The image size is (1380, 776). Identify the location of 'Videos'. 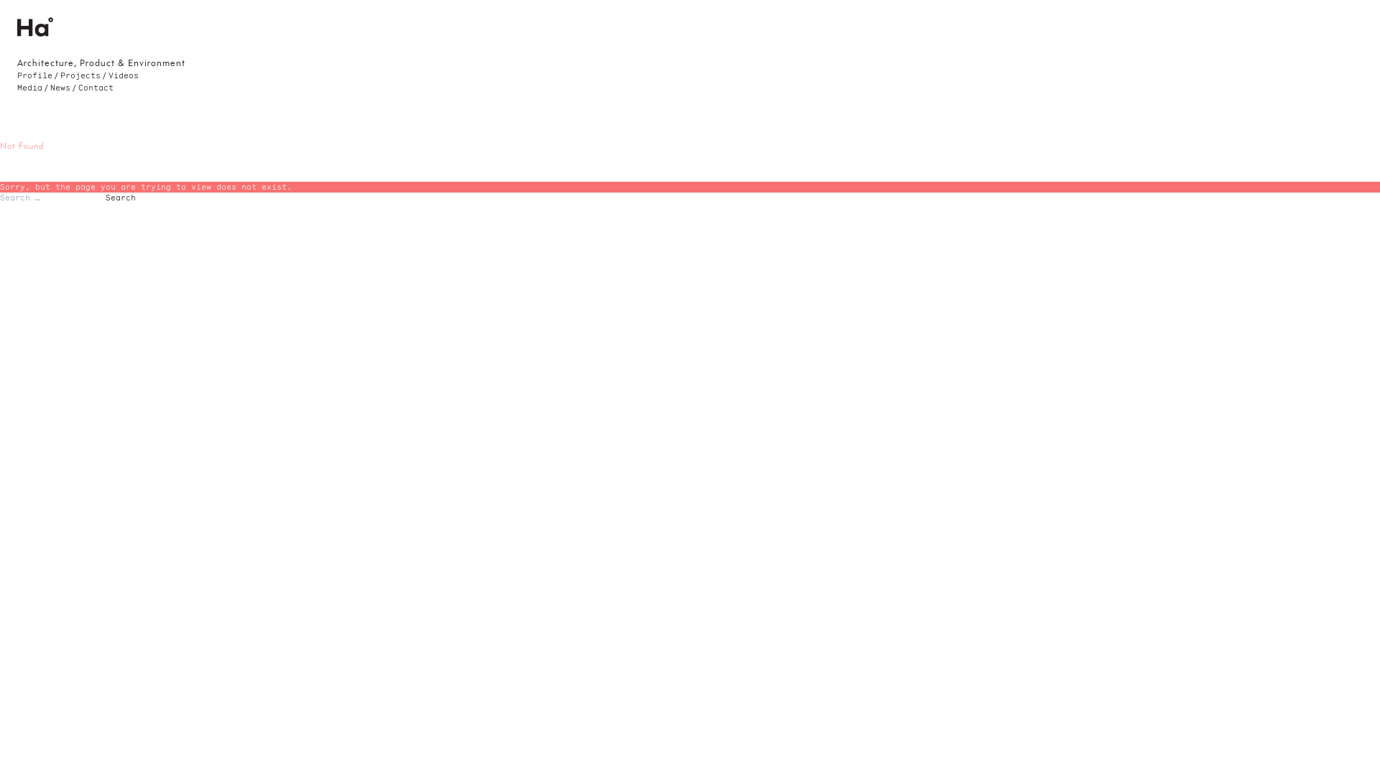
(124, 75).